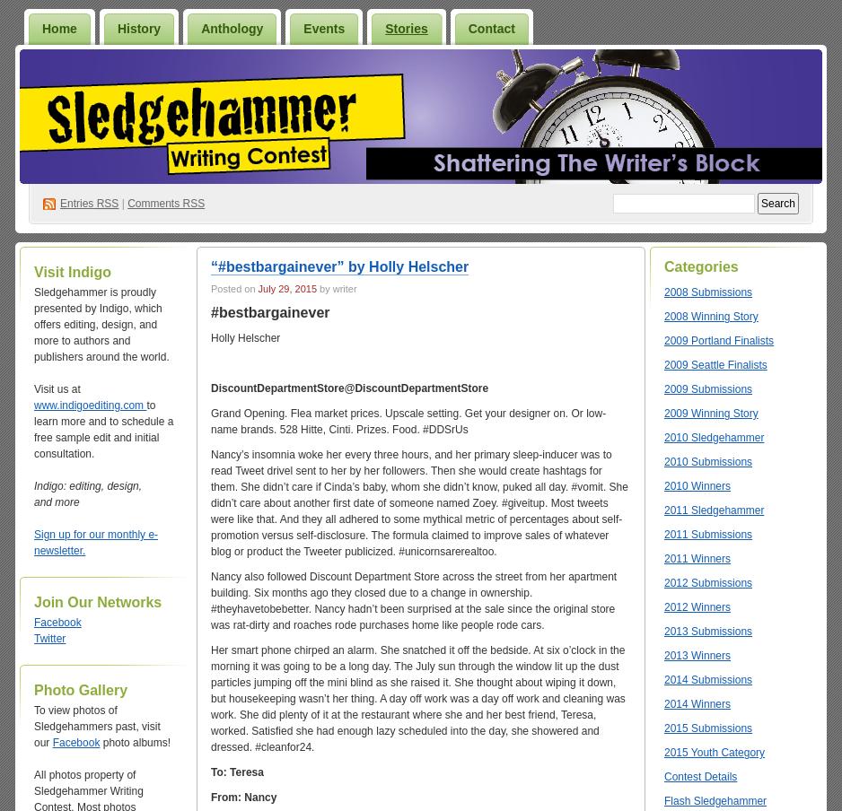 Image resolution: width=842 pixels, height=811 pixels. Describe the element at coordinates (235, 772) in the screenshot. I see `'To: Teresa'` at that location.